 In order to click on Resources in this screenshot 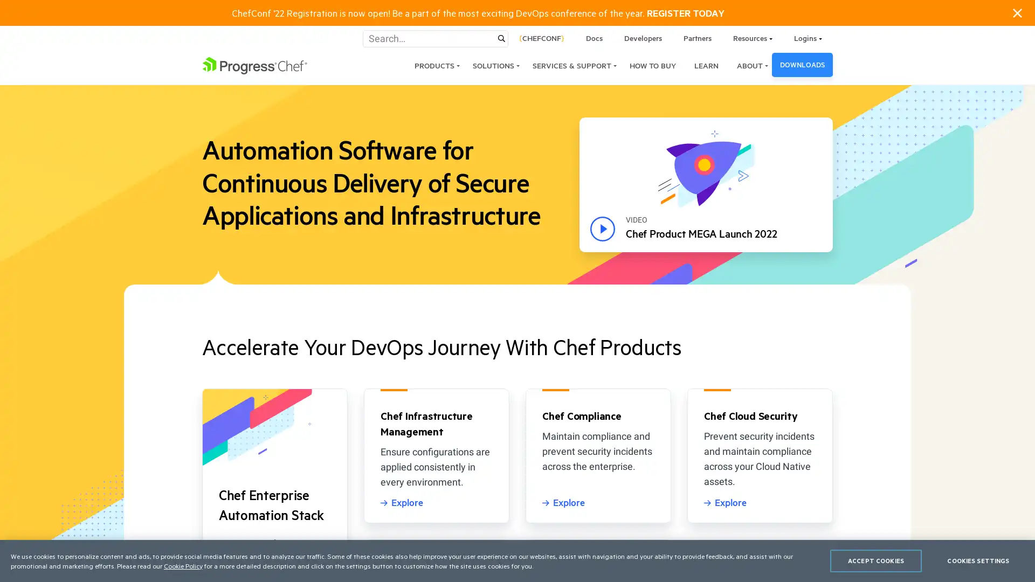, I will do `click(752, 38)`.